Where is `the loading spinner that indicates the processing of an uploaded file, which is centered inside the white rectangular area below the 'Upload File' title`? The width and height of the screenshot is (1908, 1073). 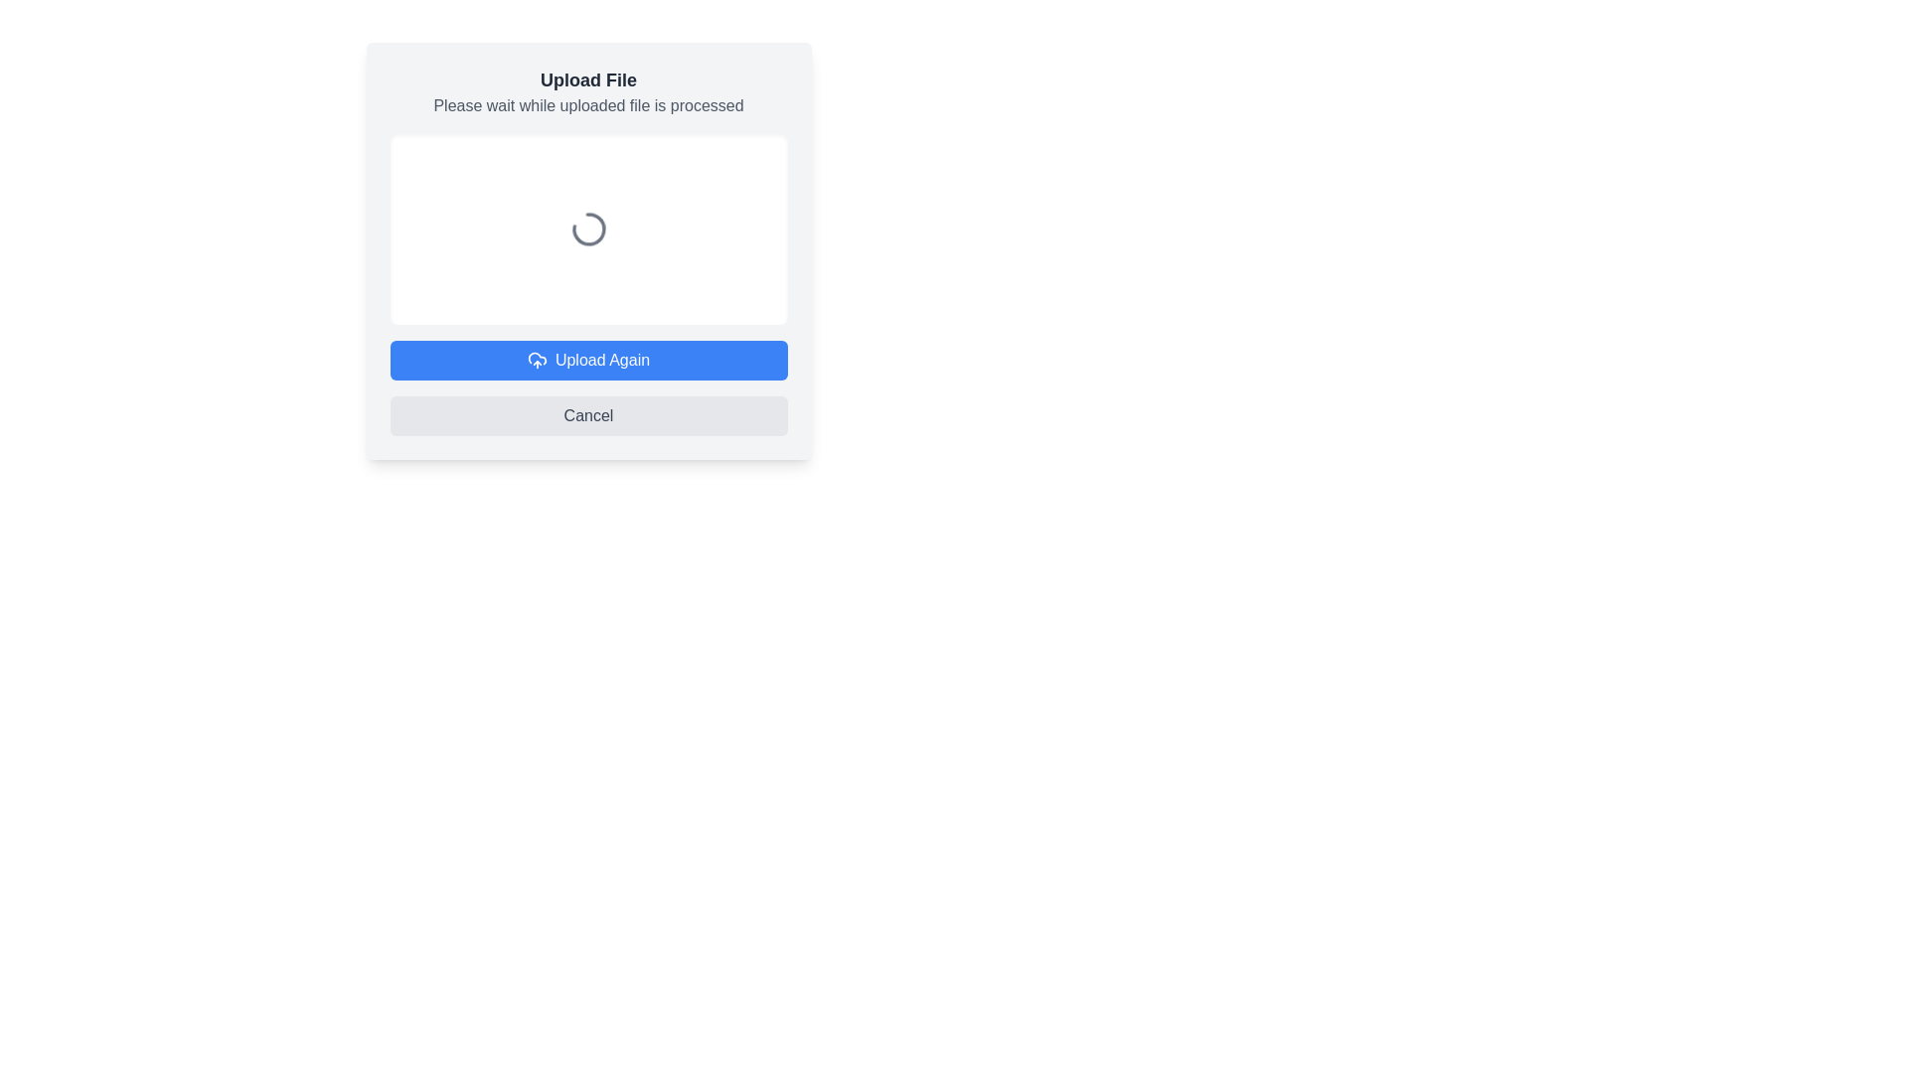
the loading spinner that indicates the processing of an uploaded file, which is centered inside the white rectangular area below the 'Upload File' title is located at coordinates (587, 250).